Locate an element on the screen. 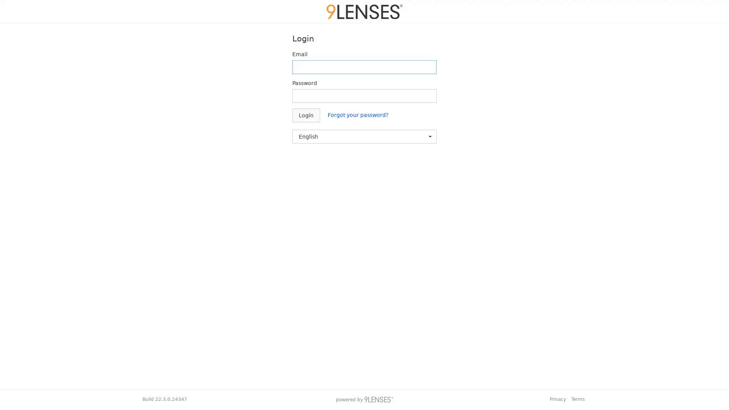 This screenshot has width=729, height=410. Login is located at coordinates (306, 115).